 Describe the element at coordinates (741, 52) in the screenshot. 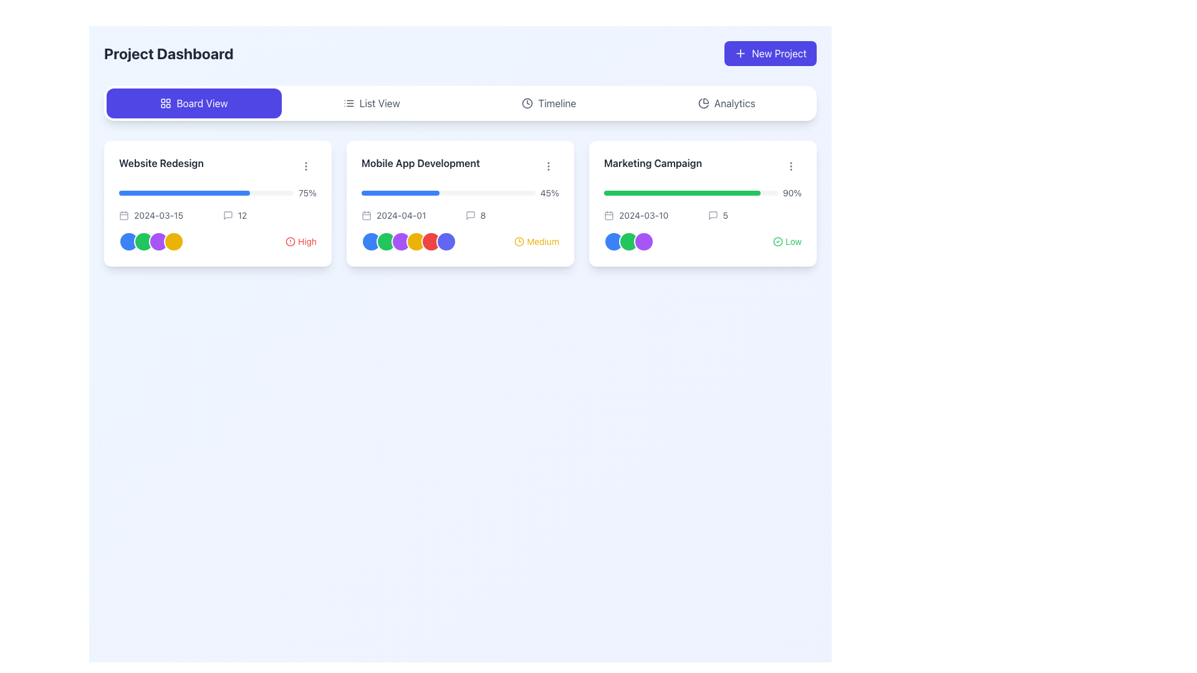

I see `the plus icon inside the 'New Project' button located at the top-right corner of the interface to initiate a new project` at that location.